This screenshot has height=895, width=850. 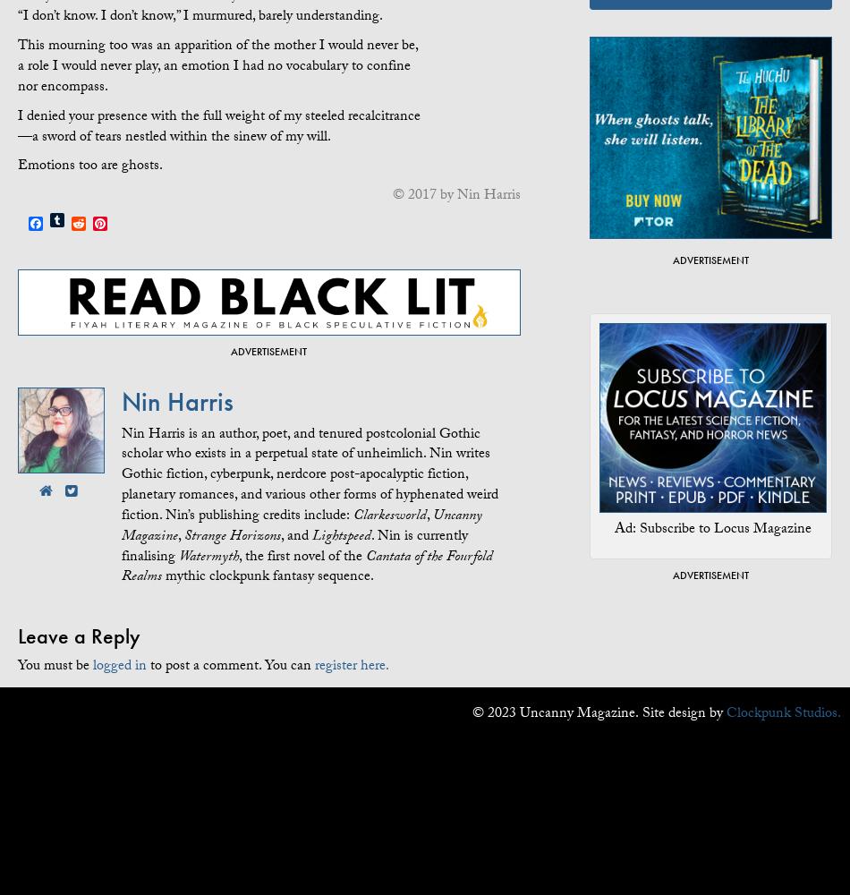 What do you see at coordinates (306, 567) in the screenshot?
I see `'Cantata of the Fourfold Realms'` at bounding box center [306, 567].